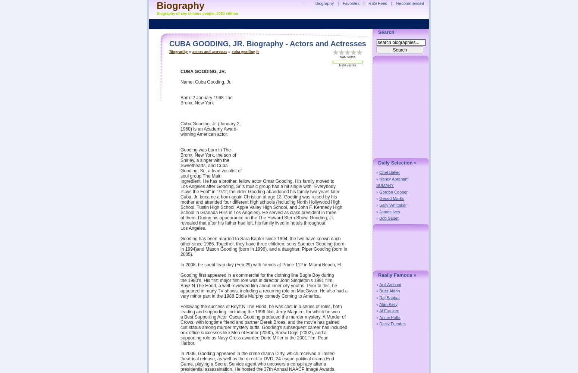  I want to click on 'Los Angeles after Gooding, Sr.'s music group had a hit single with "Everybody', so click(180, 186).